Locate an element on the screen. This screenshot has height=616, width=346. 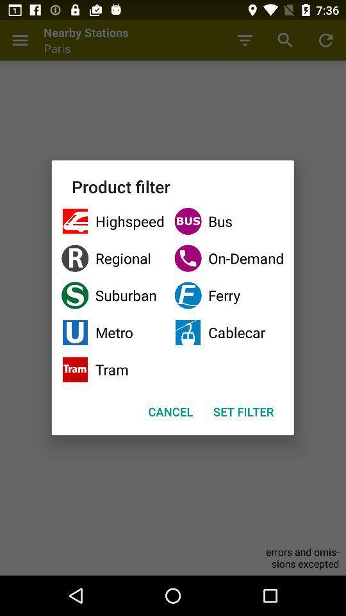
regional is located at coordinates (113, 257).